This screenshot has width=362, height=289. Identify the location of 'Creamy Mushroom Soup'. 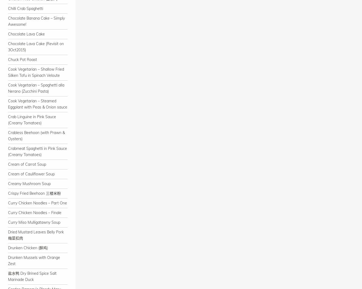
(8, 184).